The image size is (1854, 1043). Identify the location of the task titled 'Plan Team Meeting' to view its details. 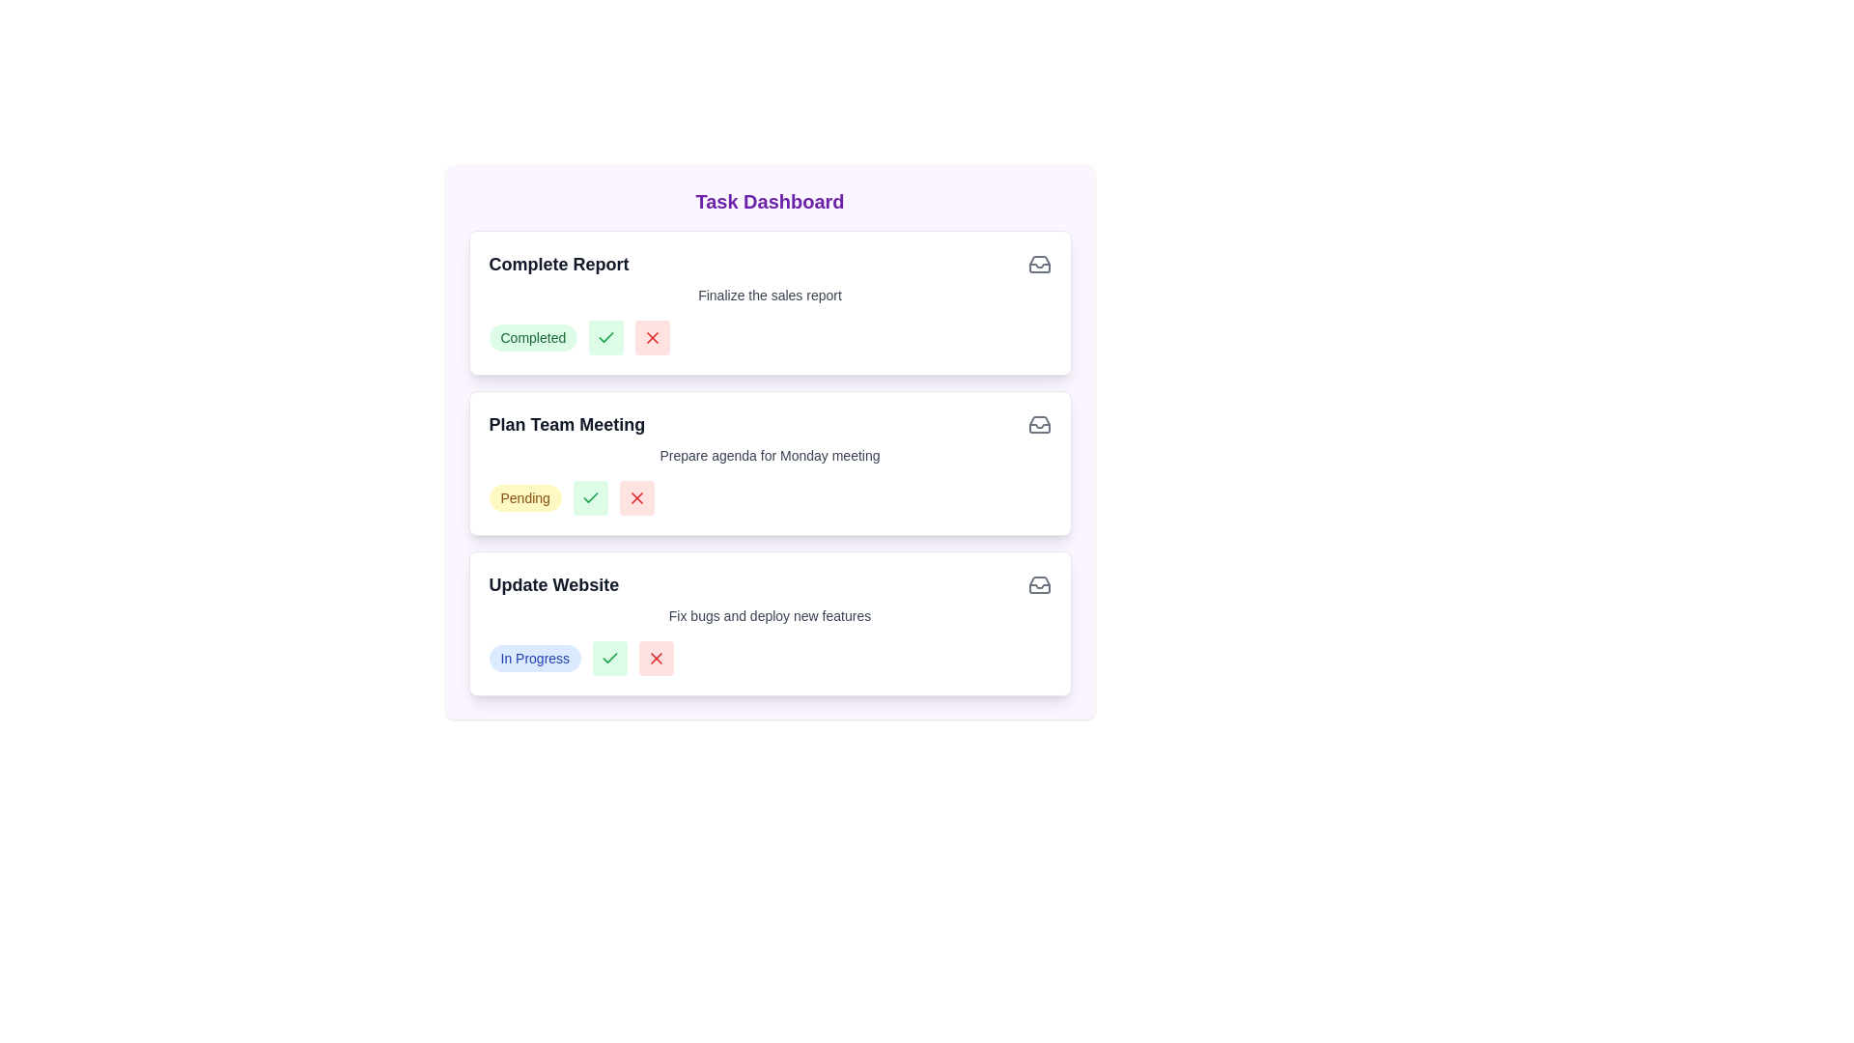
(566, 423).